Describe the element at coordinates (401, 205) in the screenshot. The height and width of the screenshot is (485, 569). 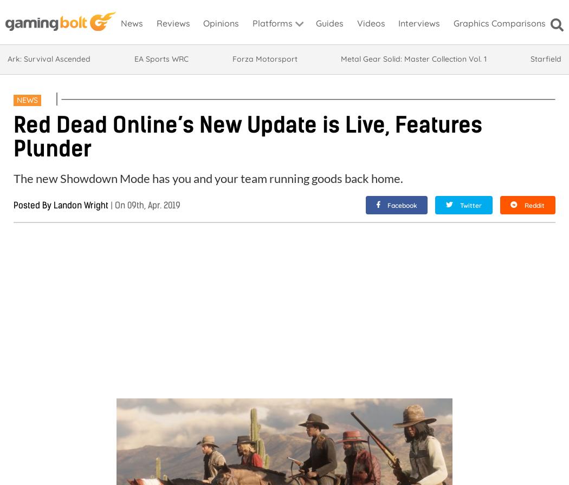
I see `'Facebook'` at that location.